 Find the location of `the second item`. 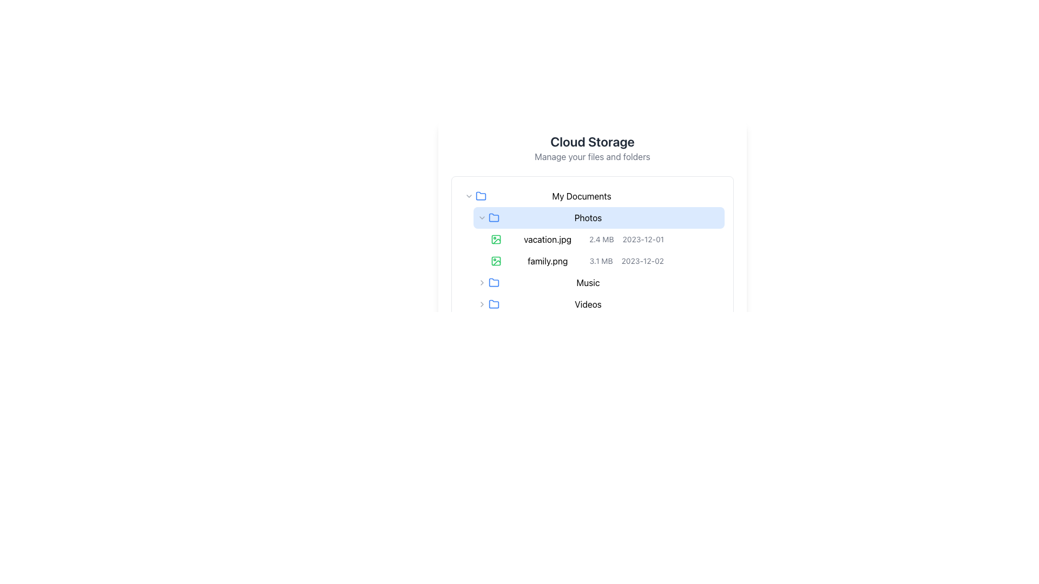

the second item is located at coordinates (591, 261).